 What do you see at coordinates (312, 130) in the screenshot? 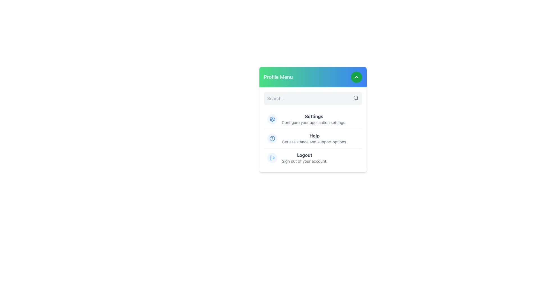
I see `the 'Settings', 'Help', or 'Logout' menu item in the vertically arranged Menu Section` at bounding box center [312, 130].